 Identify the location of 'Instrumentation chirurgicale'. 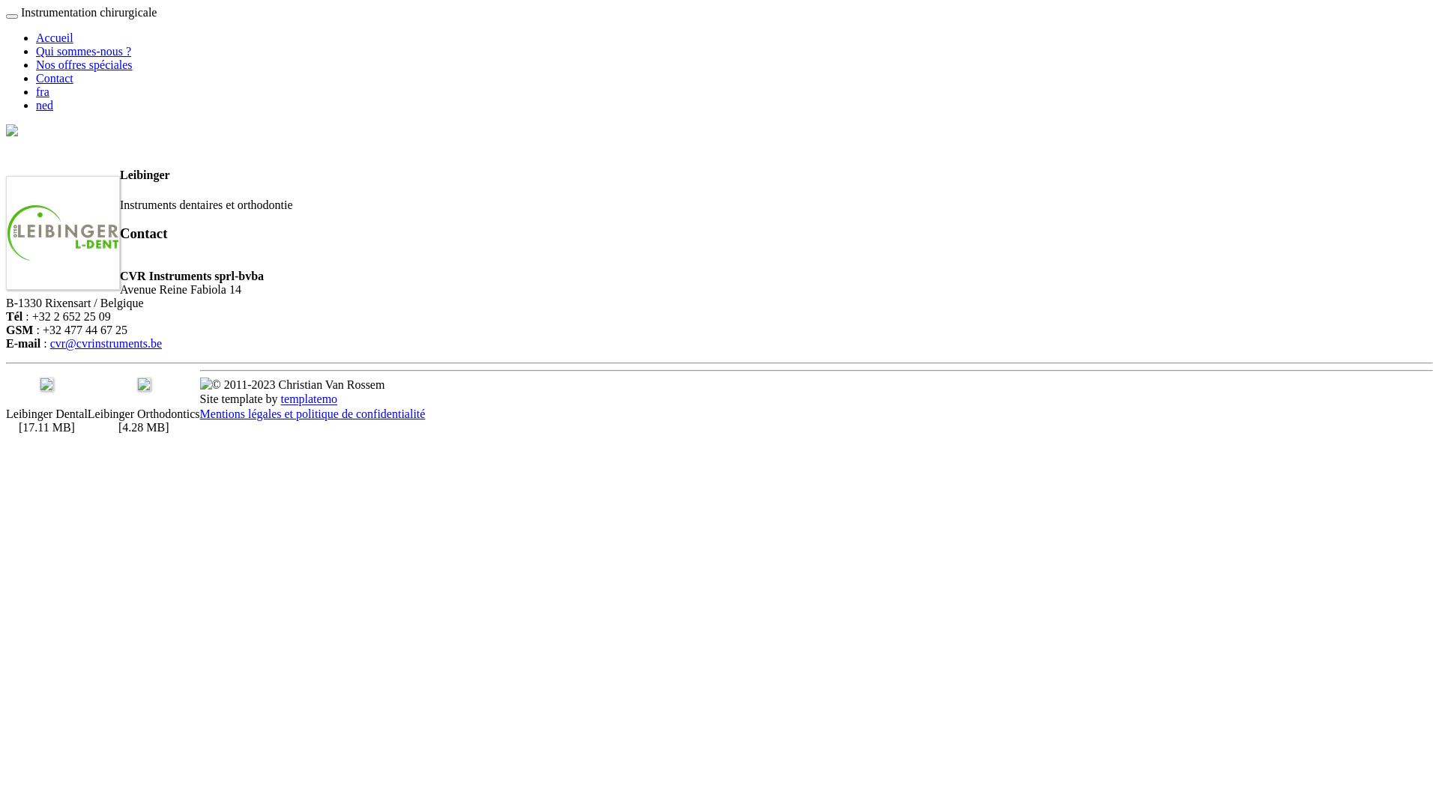
(21, 12).